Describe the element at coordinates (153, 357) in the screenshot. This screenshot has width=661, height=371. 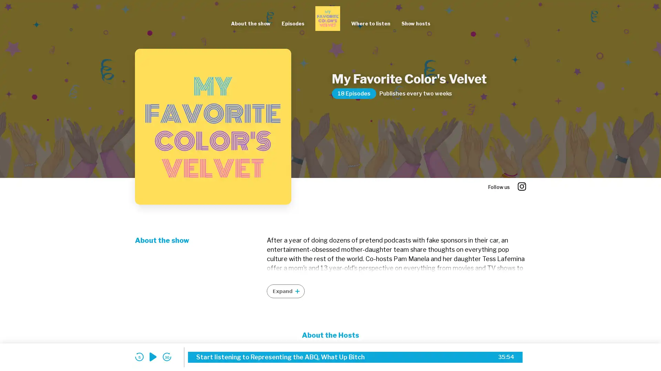
I see `play audio` at that location.